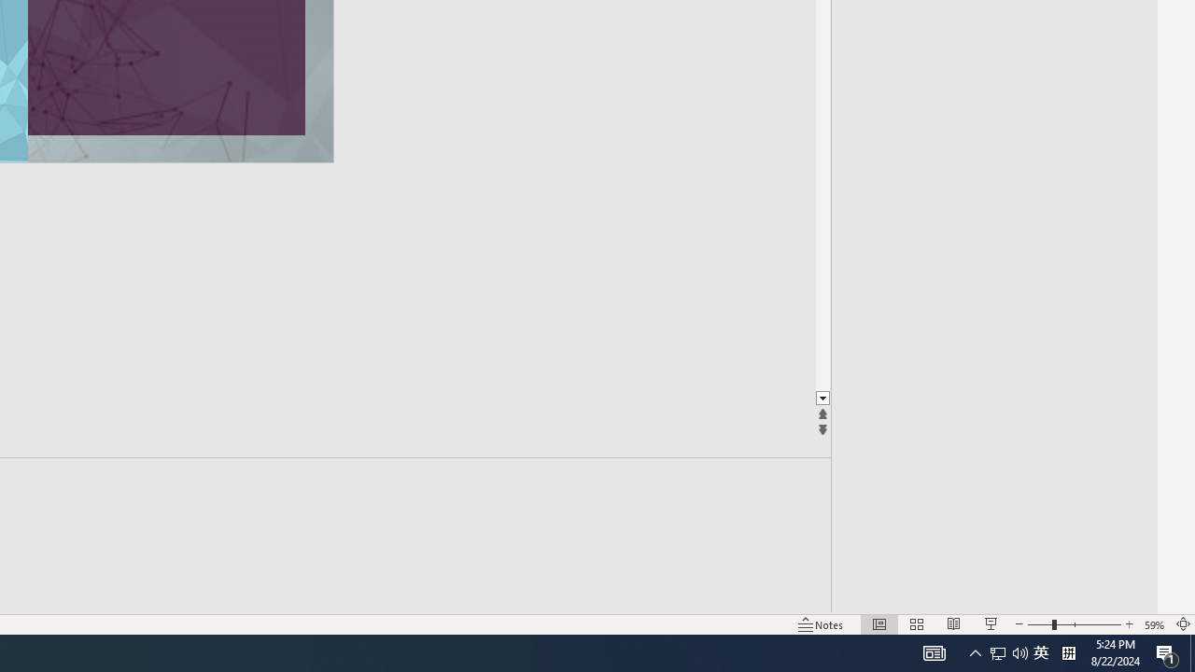  Describe the element at coordinates (1154, 624) in the screenshot. I see `'Zoom 59%'` at that location.